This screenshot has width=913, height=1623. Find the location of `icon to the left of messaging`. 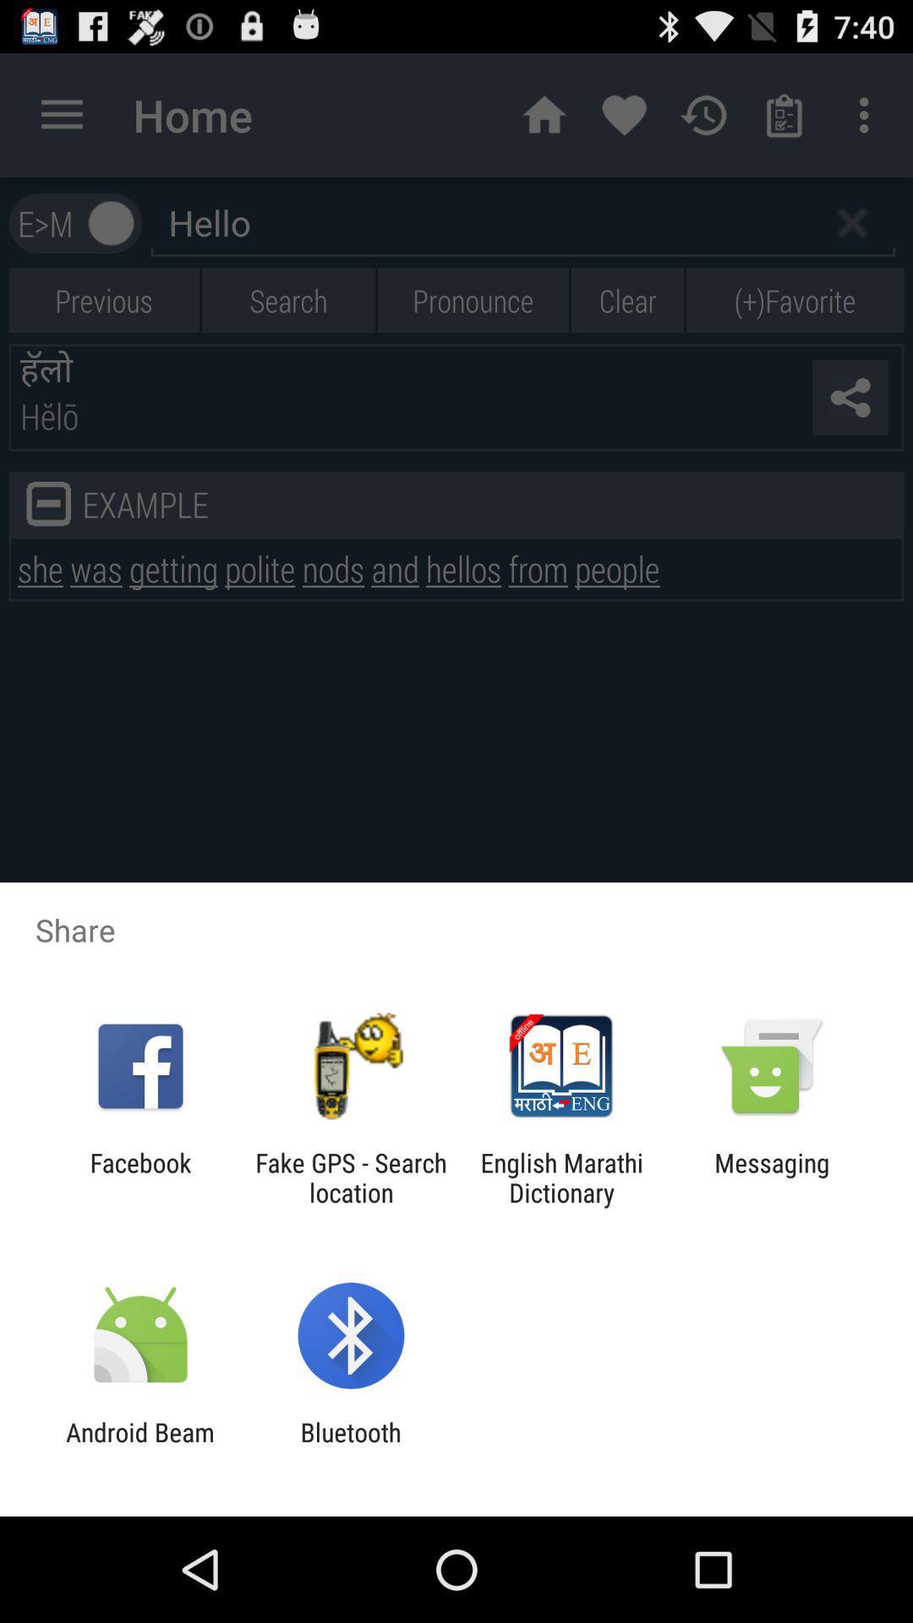

icon to the left of messaging is located at coordinates (561, 1177).